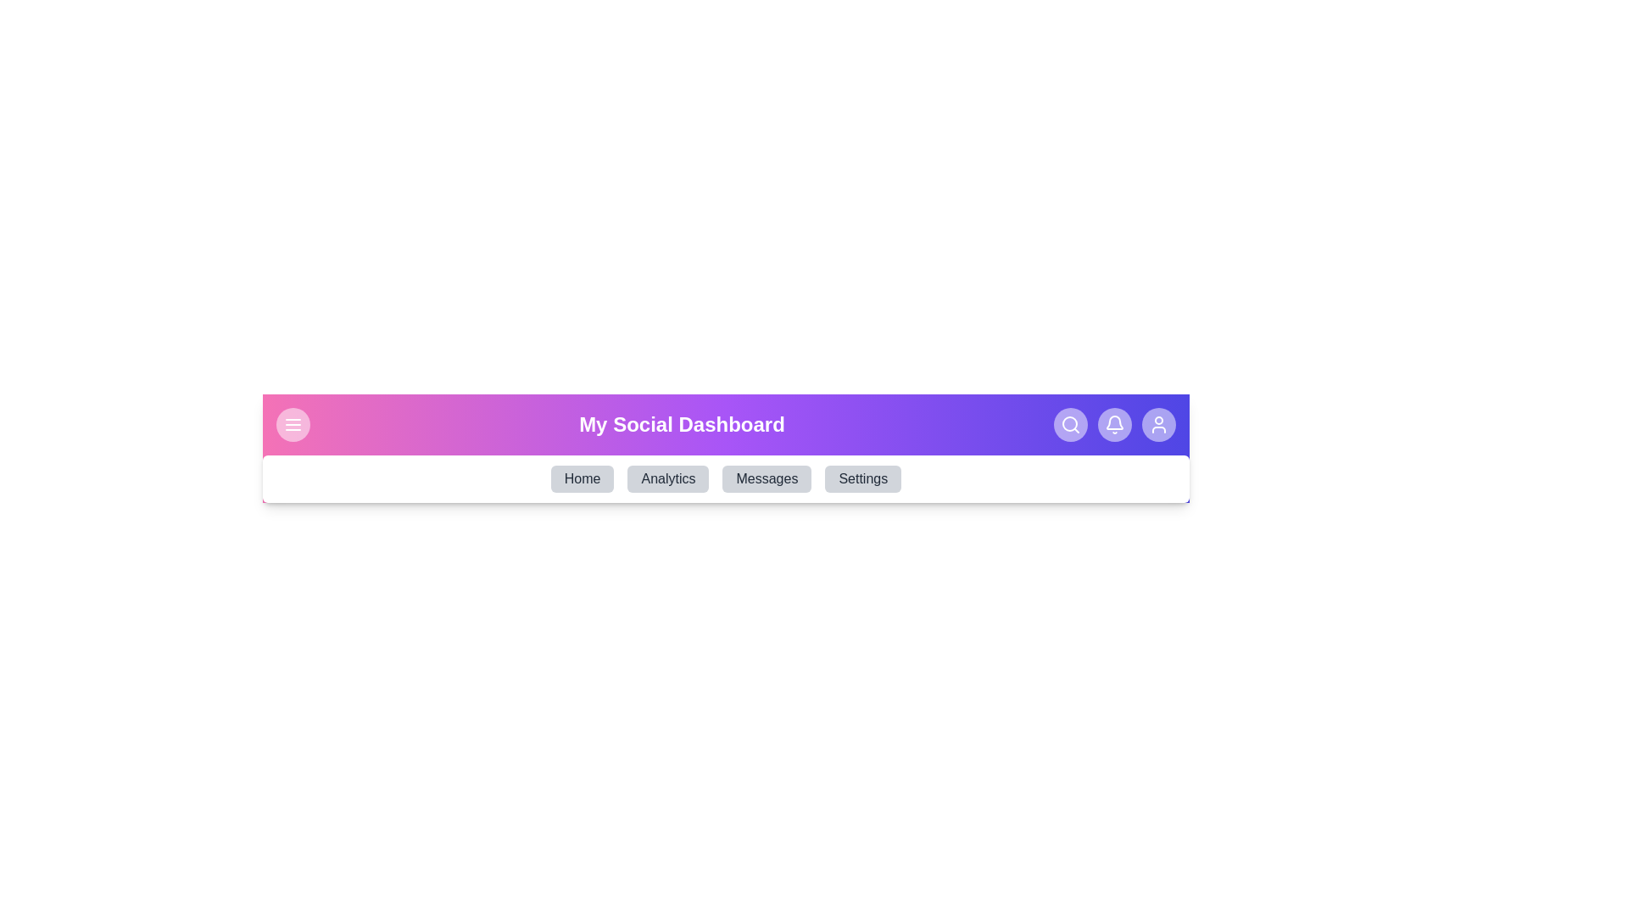 The height and width of the screenshot is (916, 1628). I want to click on the navigation item Messages from the navigation bar, so click(767, 478).